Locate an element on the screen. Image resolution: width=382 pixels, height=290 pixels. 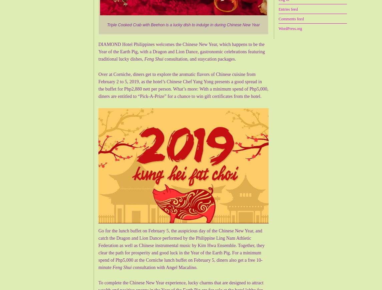
'Over at Corniche, diners get to explore the aromatic flavors of Chinese cuisine from February 2 to 5, 2019, as the hotel’s Chinese Chef Yang Yong presents a good spread in the buffet for Php2,880 nett per person. What’s more: With a minimum spend of Php5,000, diners are entitled to “Pick-A-Prize” for a chance to win gift certificates from the hotel.' is located at coordinates (183, 85).